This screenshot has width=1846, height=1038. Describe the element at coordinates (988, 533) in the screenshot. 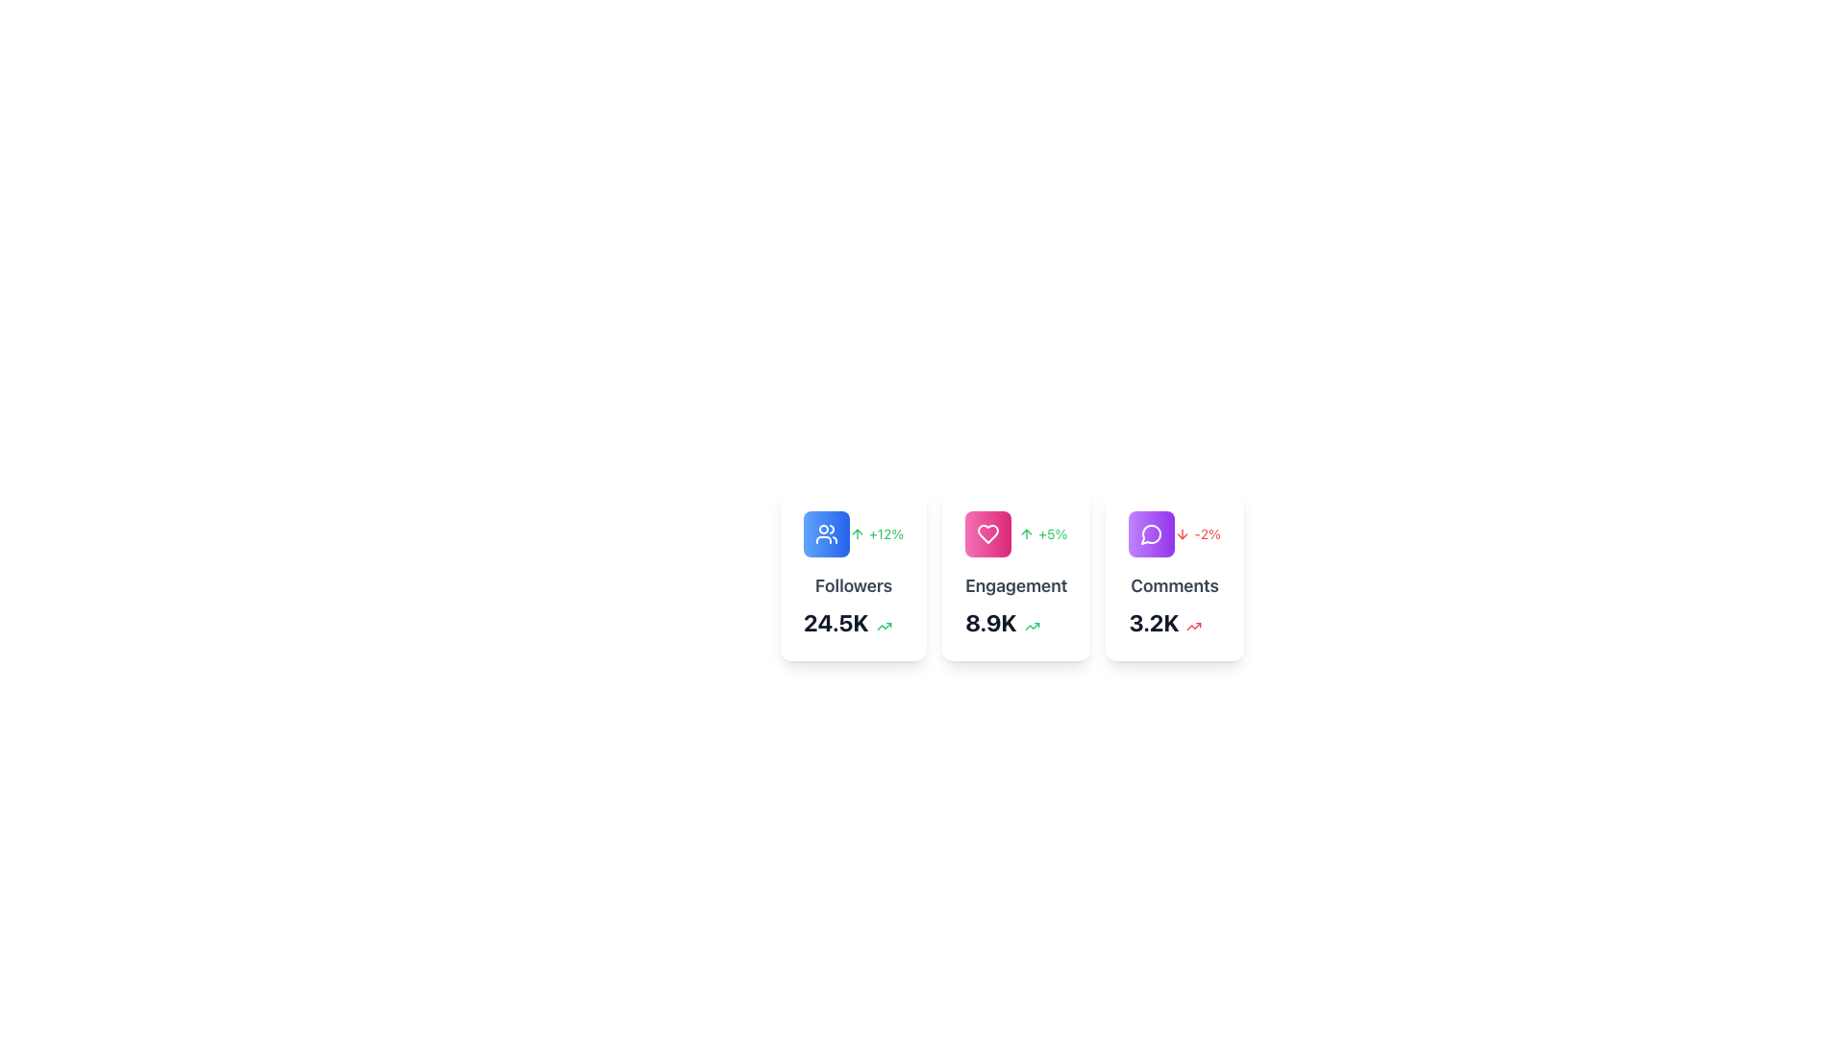

I see `the heart icon on the Engagement card, which represents engagement metrics and is located at the center of the second card in a row of three cards labeled 'Engagement', 'Followers', and 'Comments'` at that location.